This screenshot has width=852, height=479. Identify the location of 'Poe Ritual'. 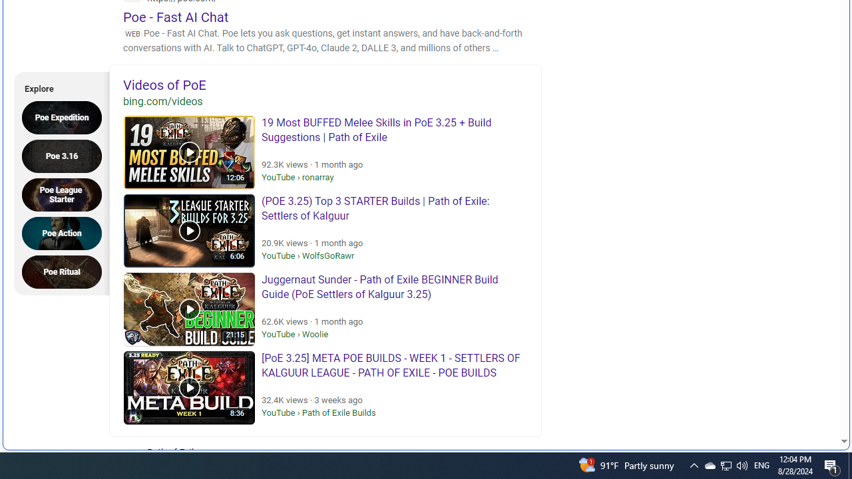
(65, 271).